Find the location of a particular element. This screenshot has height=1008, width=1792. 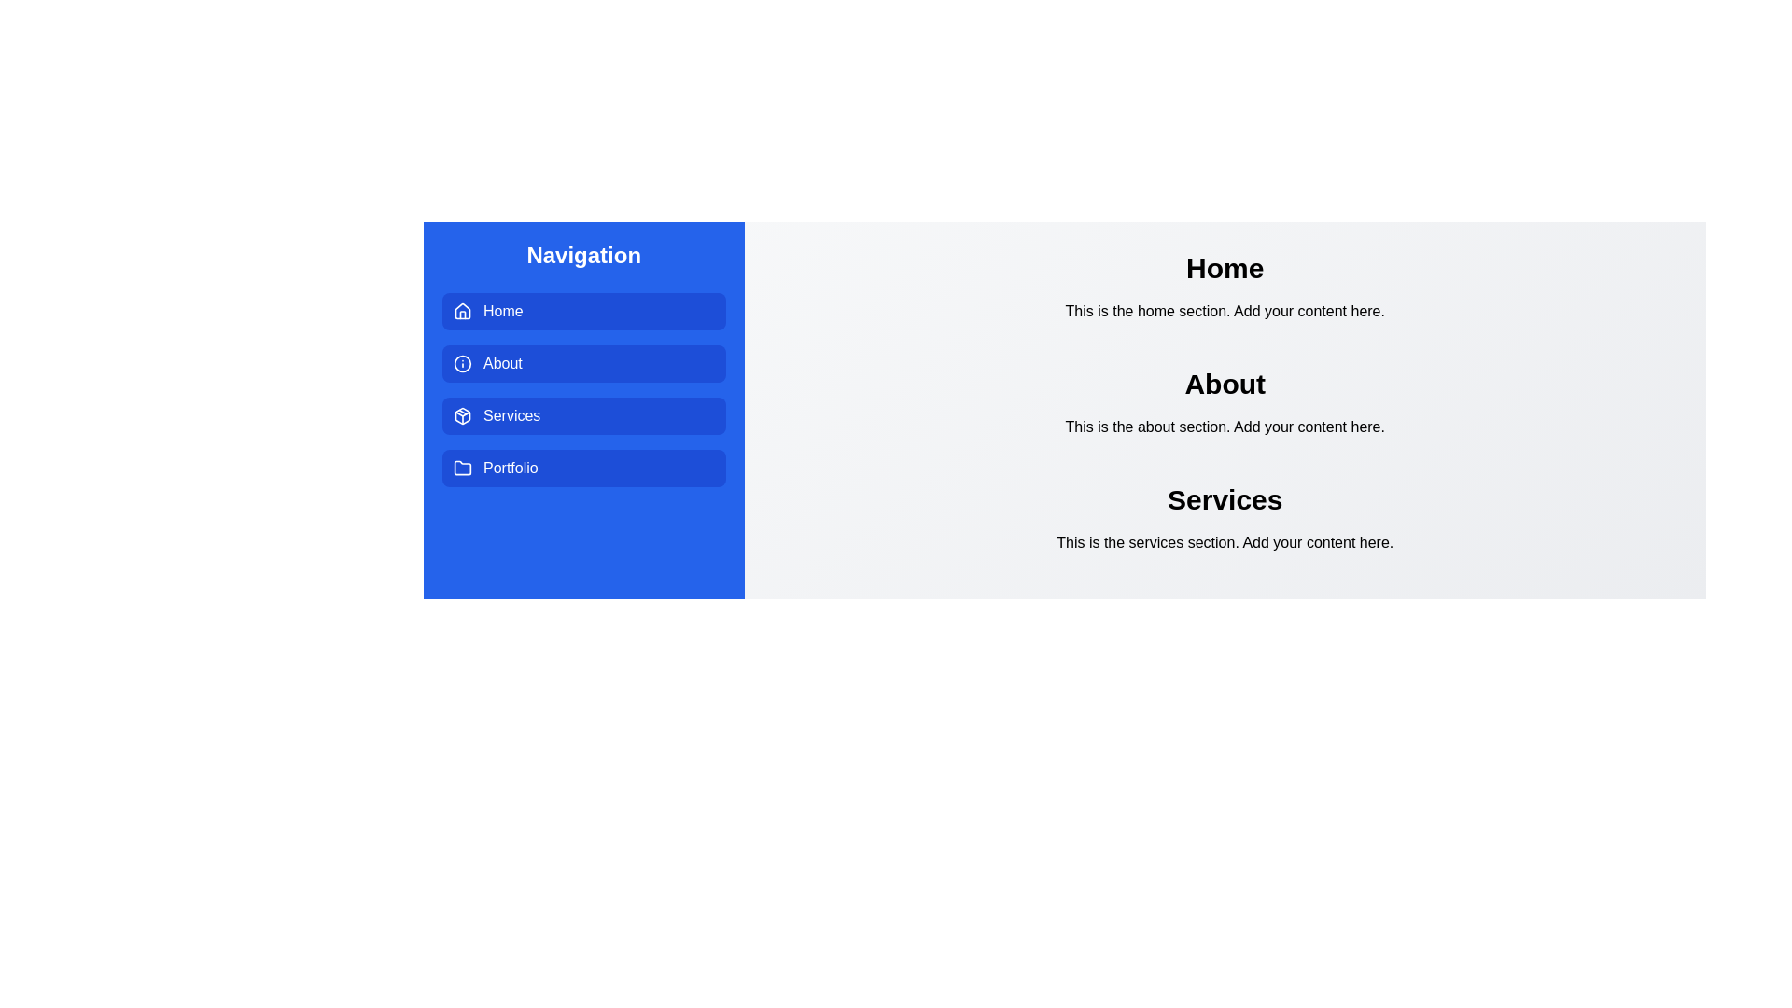

on the 'About' section text label in the vertical navigation bar located below the 'Home' item is located at coordinates (502, 363).